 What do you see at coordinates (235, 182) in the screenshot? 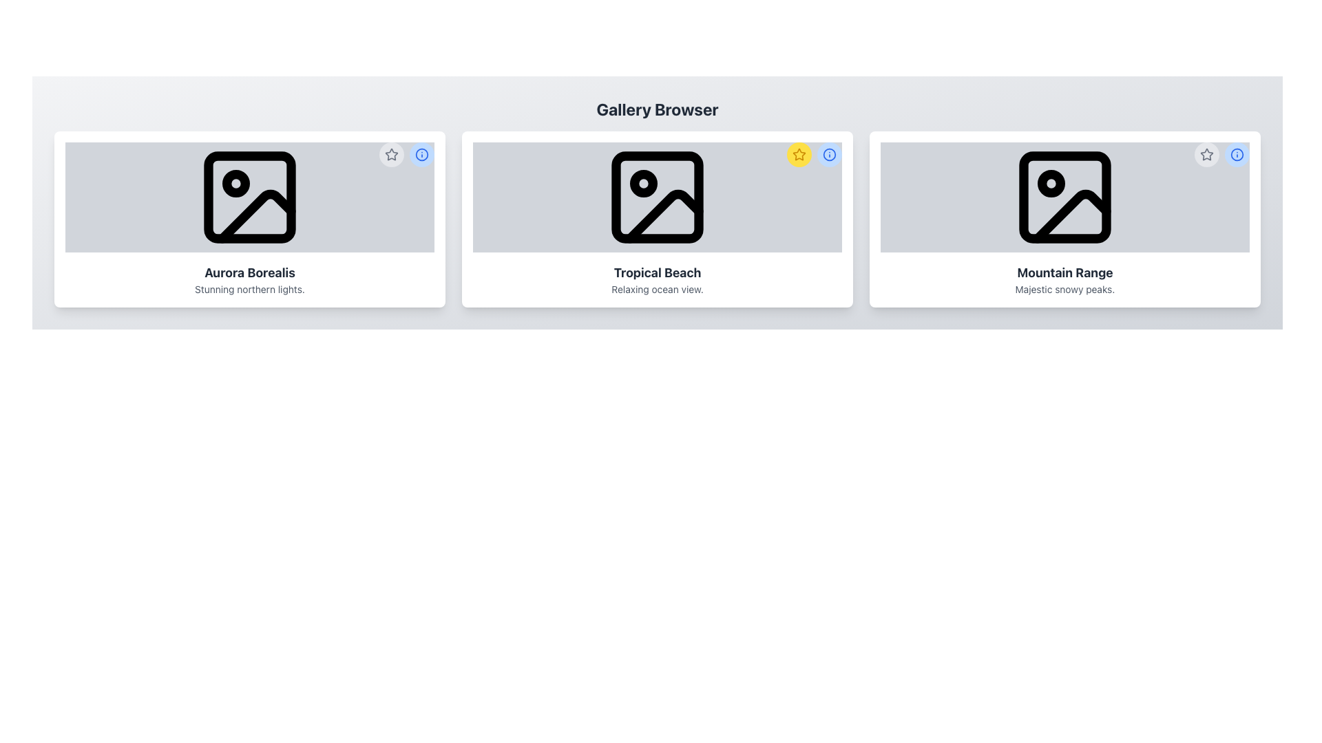
I see `the small circular SVG element located in the leftmost card, near the center of the picture frame icon` at bounding box center [235, 182].